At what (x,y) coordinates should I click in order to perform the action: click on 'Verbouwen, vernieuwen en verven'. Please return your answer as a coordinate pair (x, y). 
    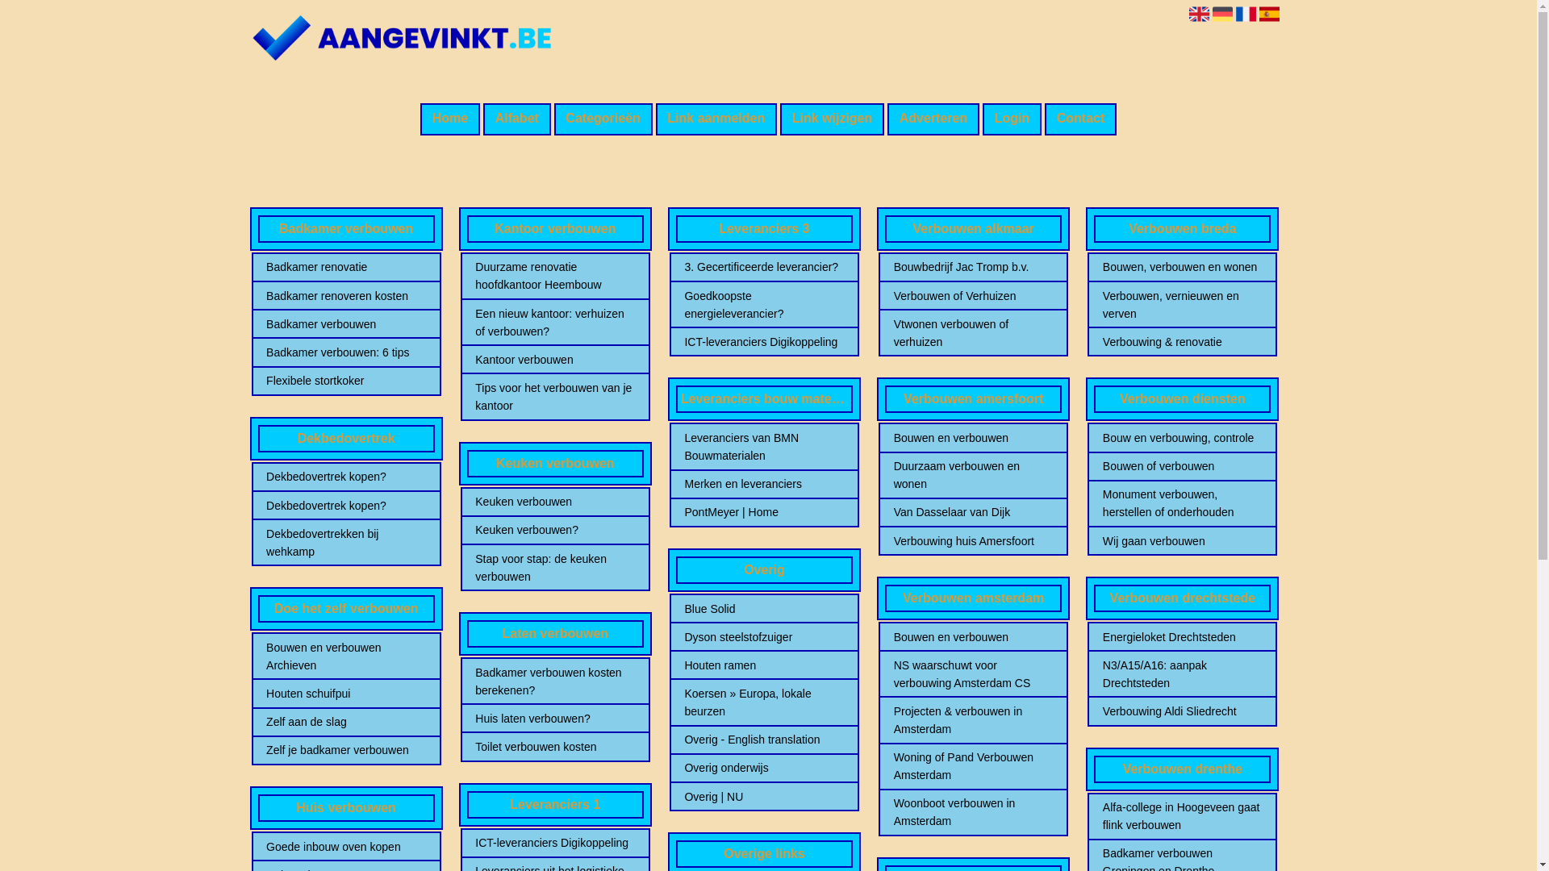
    Looking at the image, I should click on (1182, 305).